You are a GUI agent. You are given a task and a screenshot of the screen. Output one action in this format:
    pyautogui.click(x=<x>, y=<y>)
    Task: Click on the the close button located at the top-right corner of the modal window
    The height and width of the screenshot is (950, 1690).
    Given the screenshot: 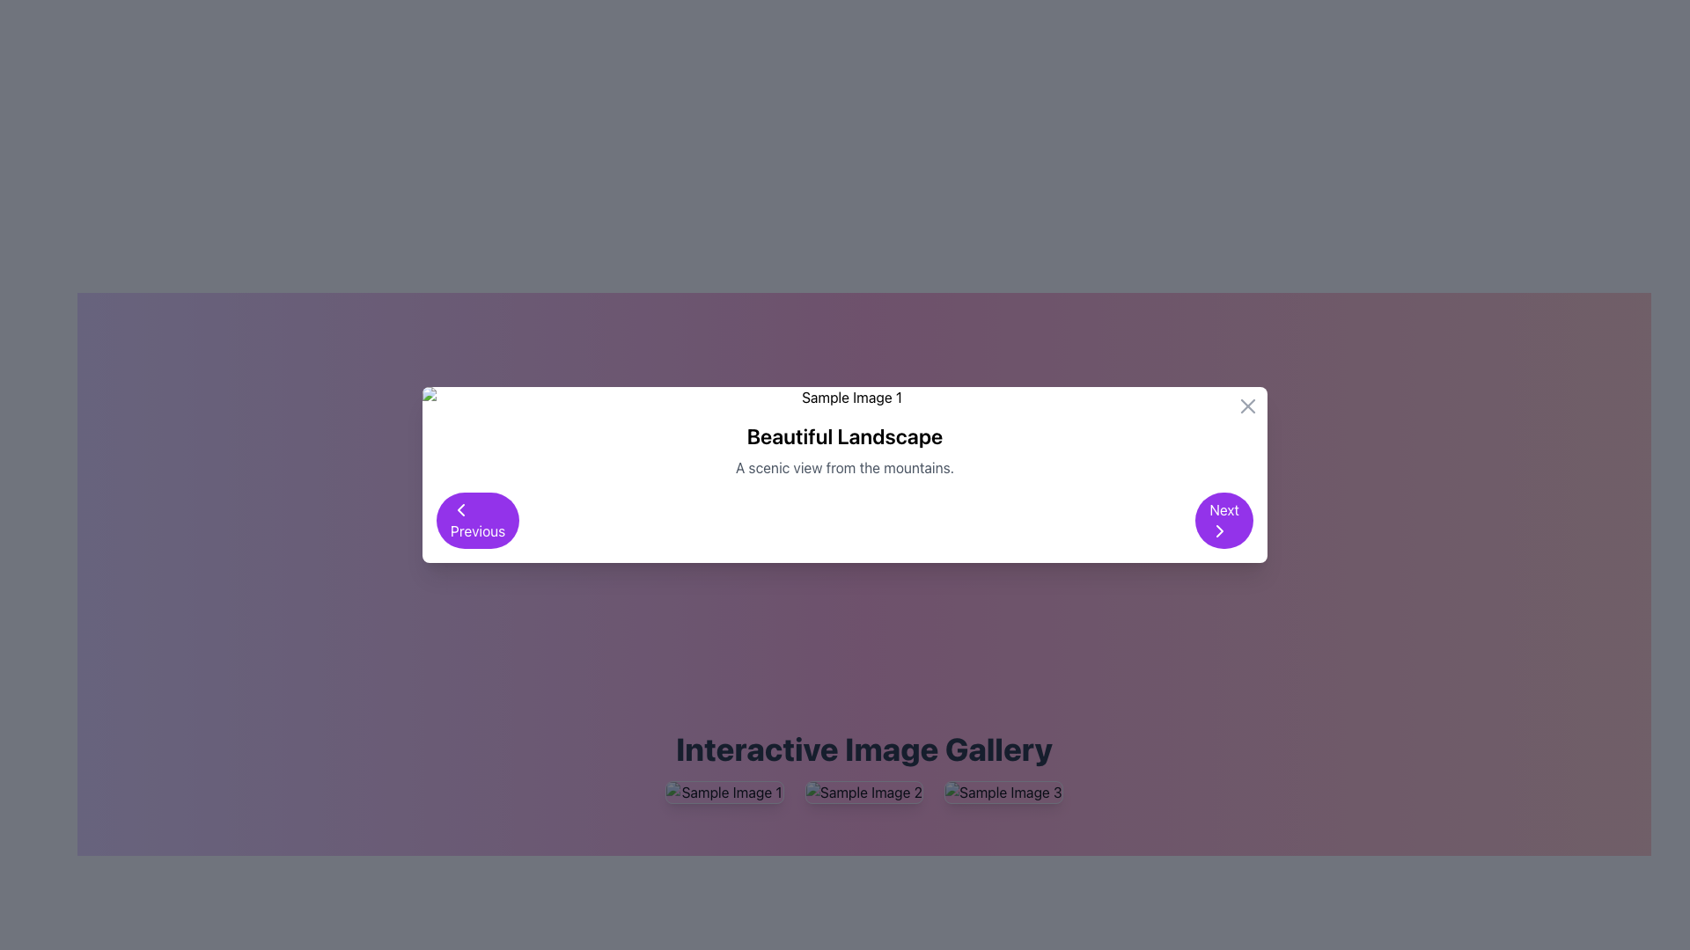 What is the action you would take?
    pyautogui.click(x=1246, y=406)
    